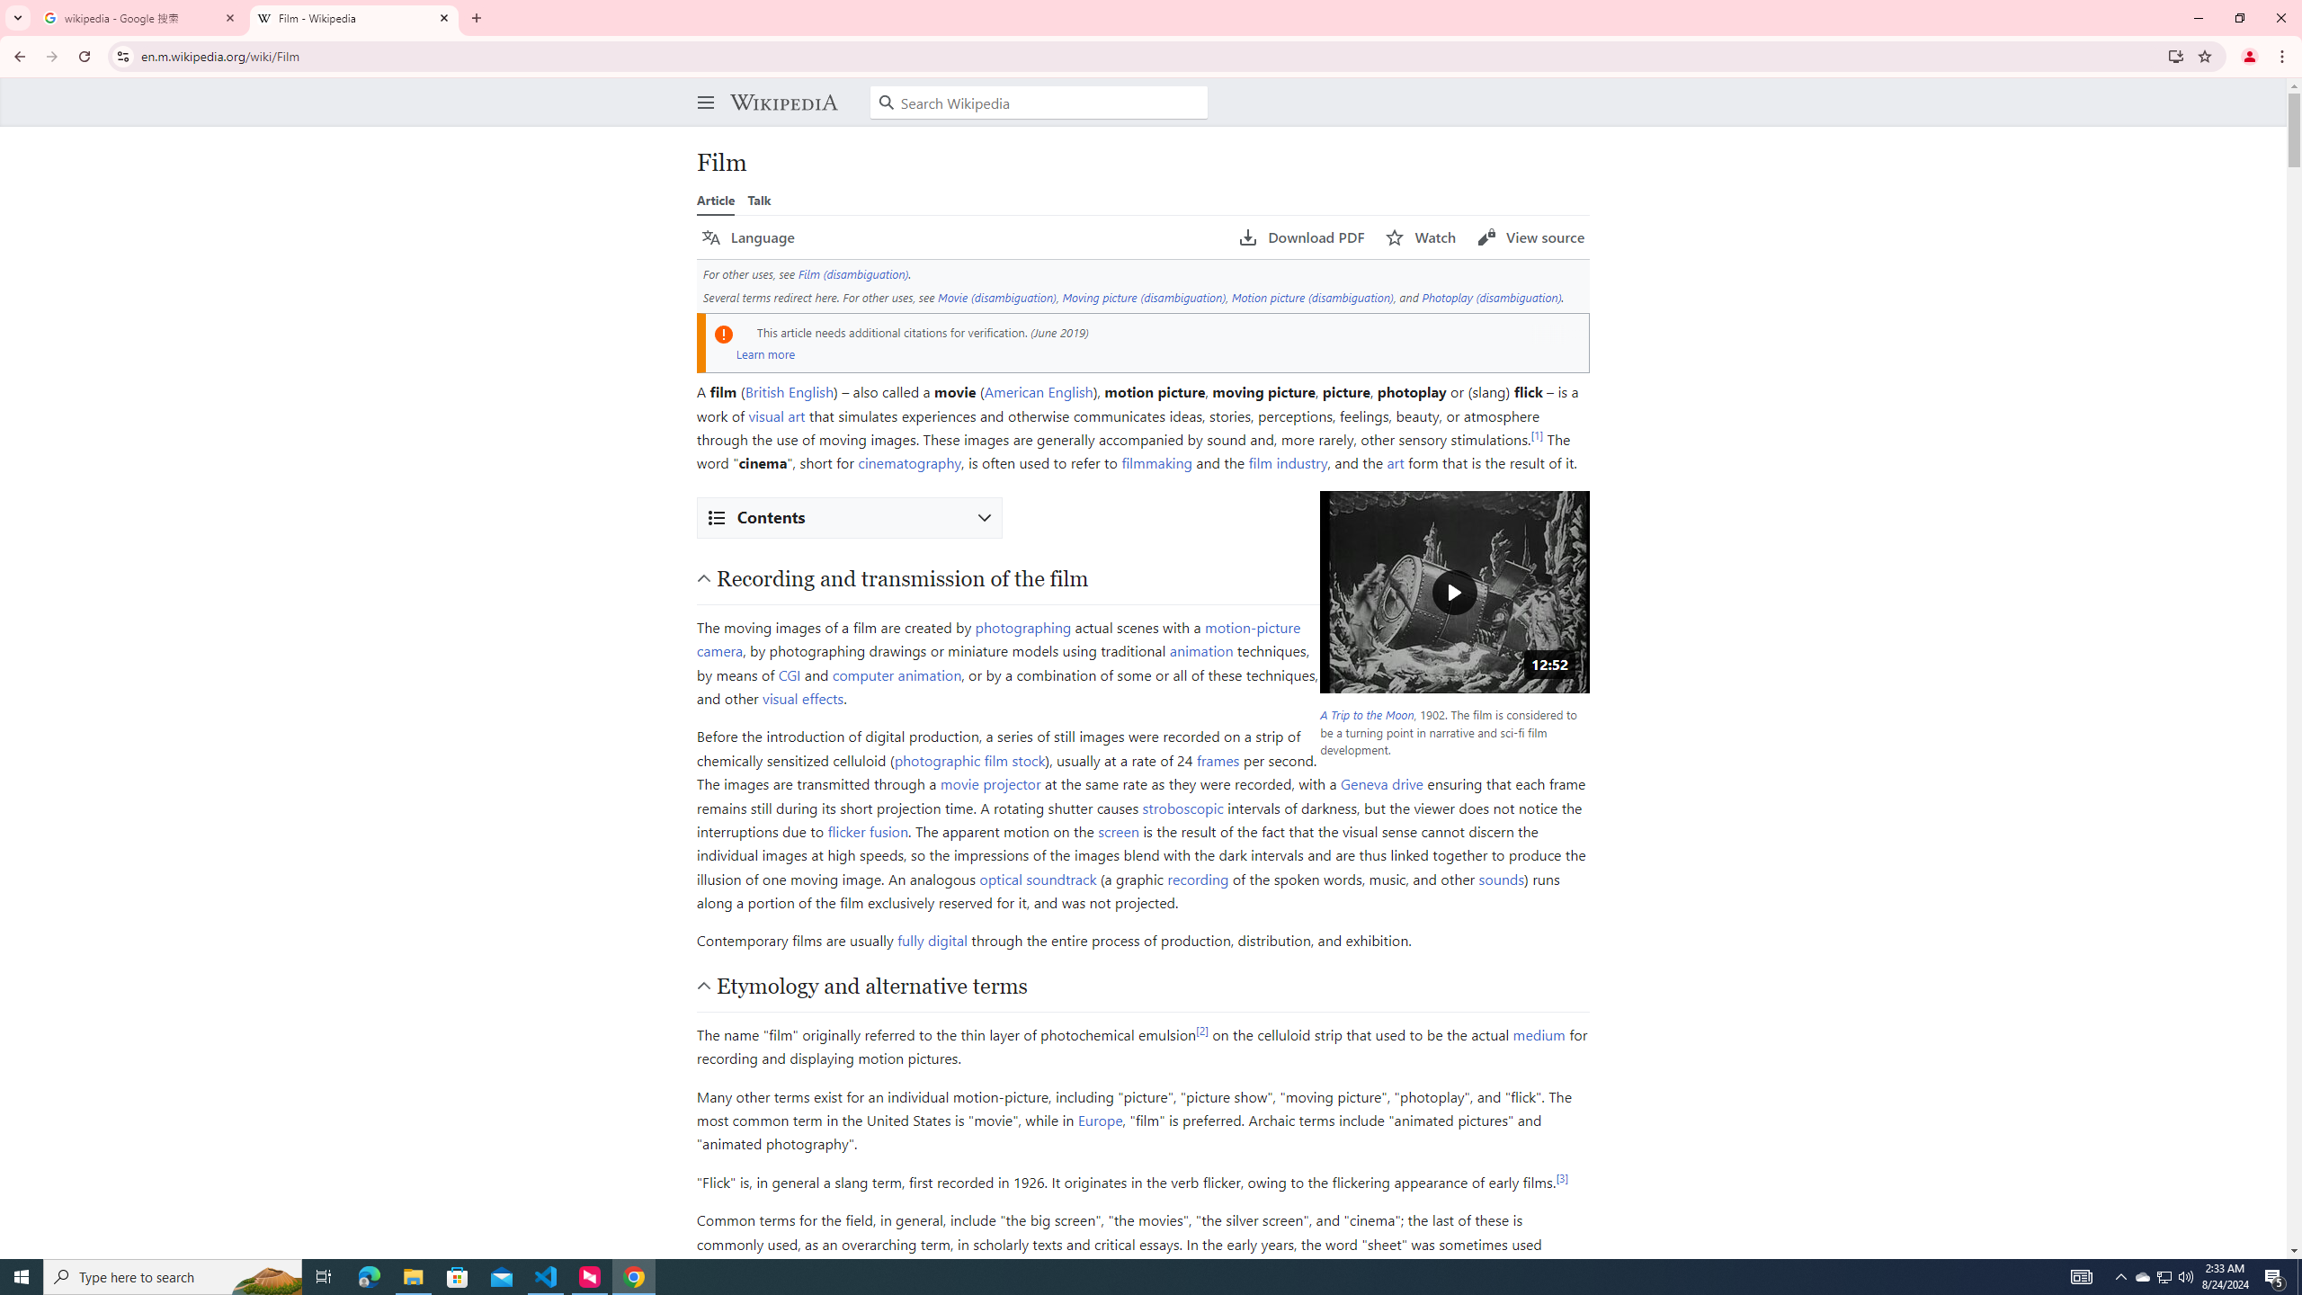  What do you see at coordinates (1537, 433) in the screenshot?
I see `'[1]'` at bounding box center [1537, 433].